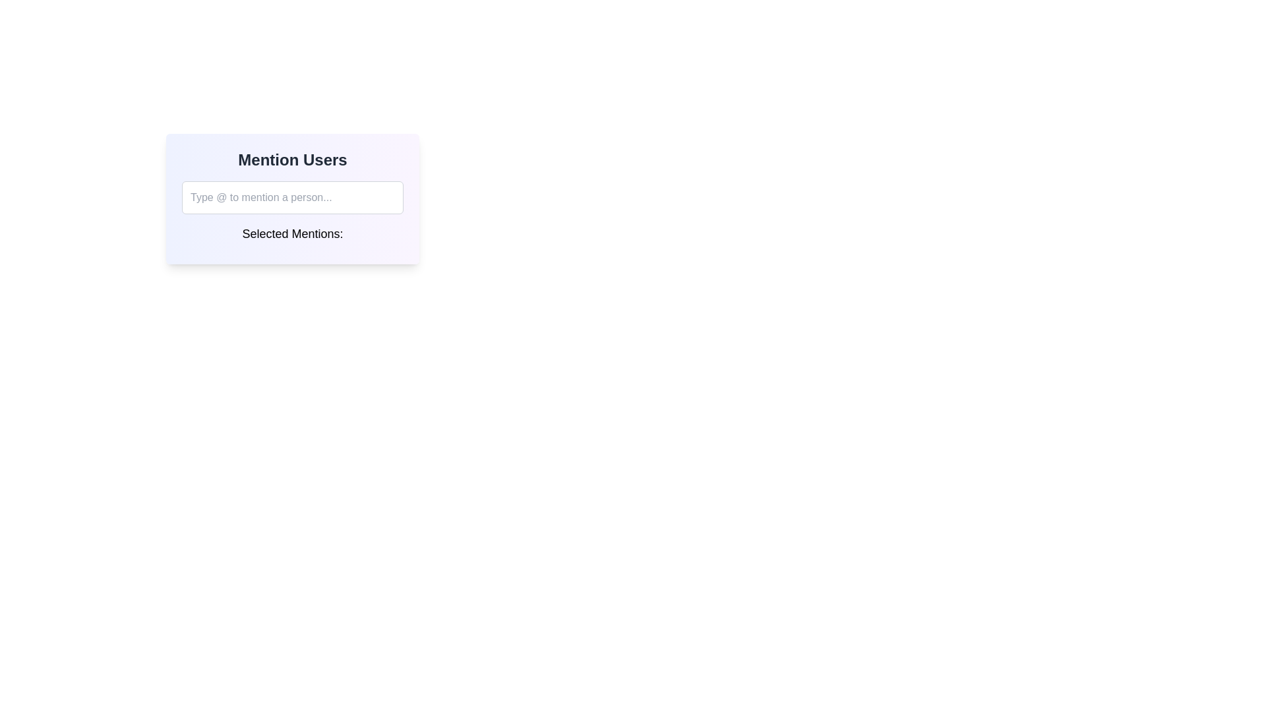 The width and height of the screenshot is (1266, 712). Describe the element at coordinates (292, 198) in the screenshot. I see `the textbox in the Interactive Panel, which is styled with a gradient background and contains a main title above it` at that location.